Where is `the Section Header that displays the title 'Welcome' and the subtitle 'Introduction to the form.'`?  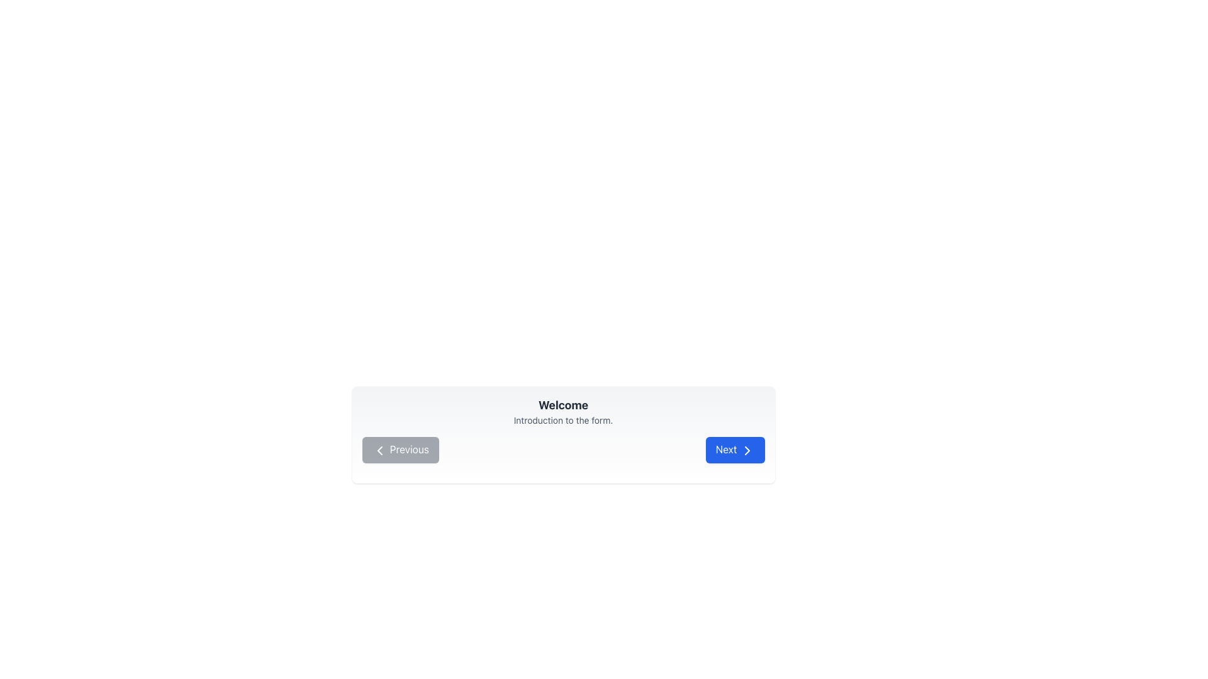 the Section Header that displays the title 'Welcome' and the subtitle 'Introduction to the form.' is located at coordinates (562, 412).